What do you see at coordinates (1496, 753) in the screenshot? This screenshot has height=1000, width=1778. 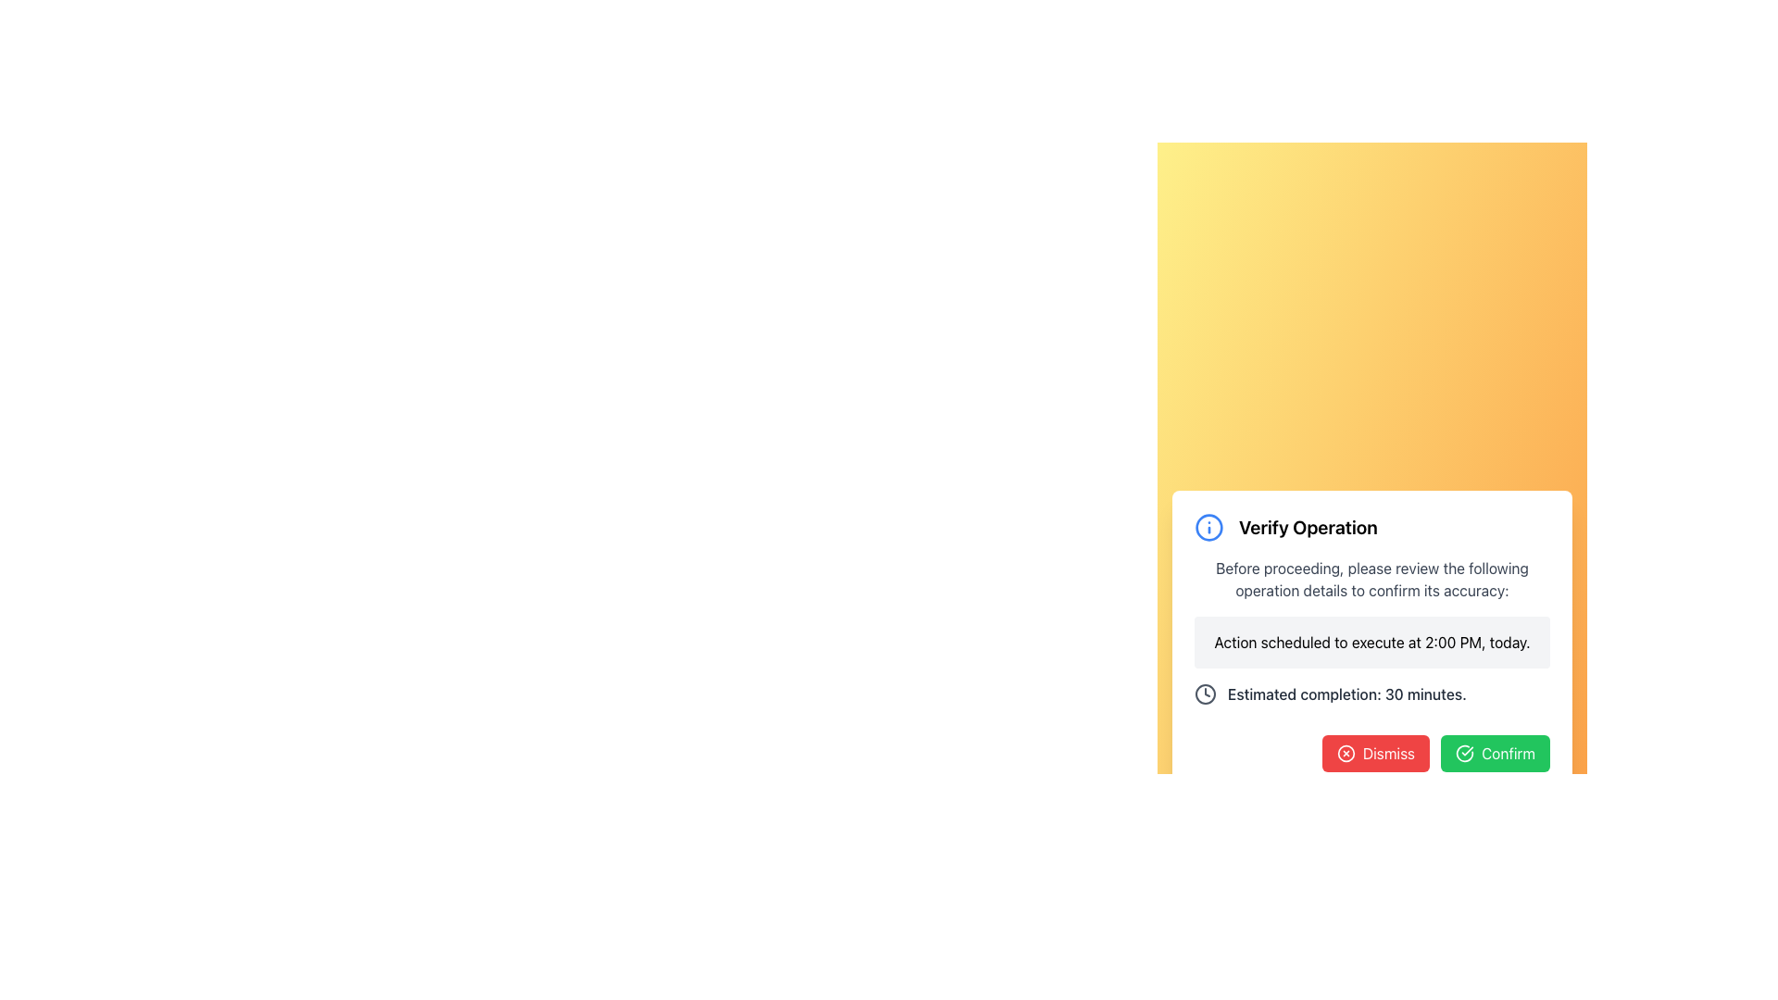 I see `the confirm button in the bottom-right section of the dialog box` at bounding box center [1496, 753].